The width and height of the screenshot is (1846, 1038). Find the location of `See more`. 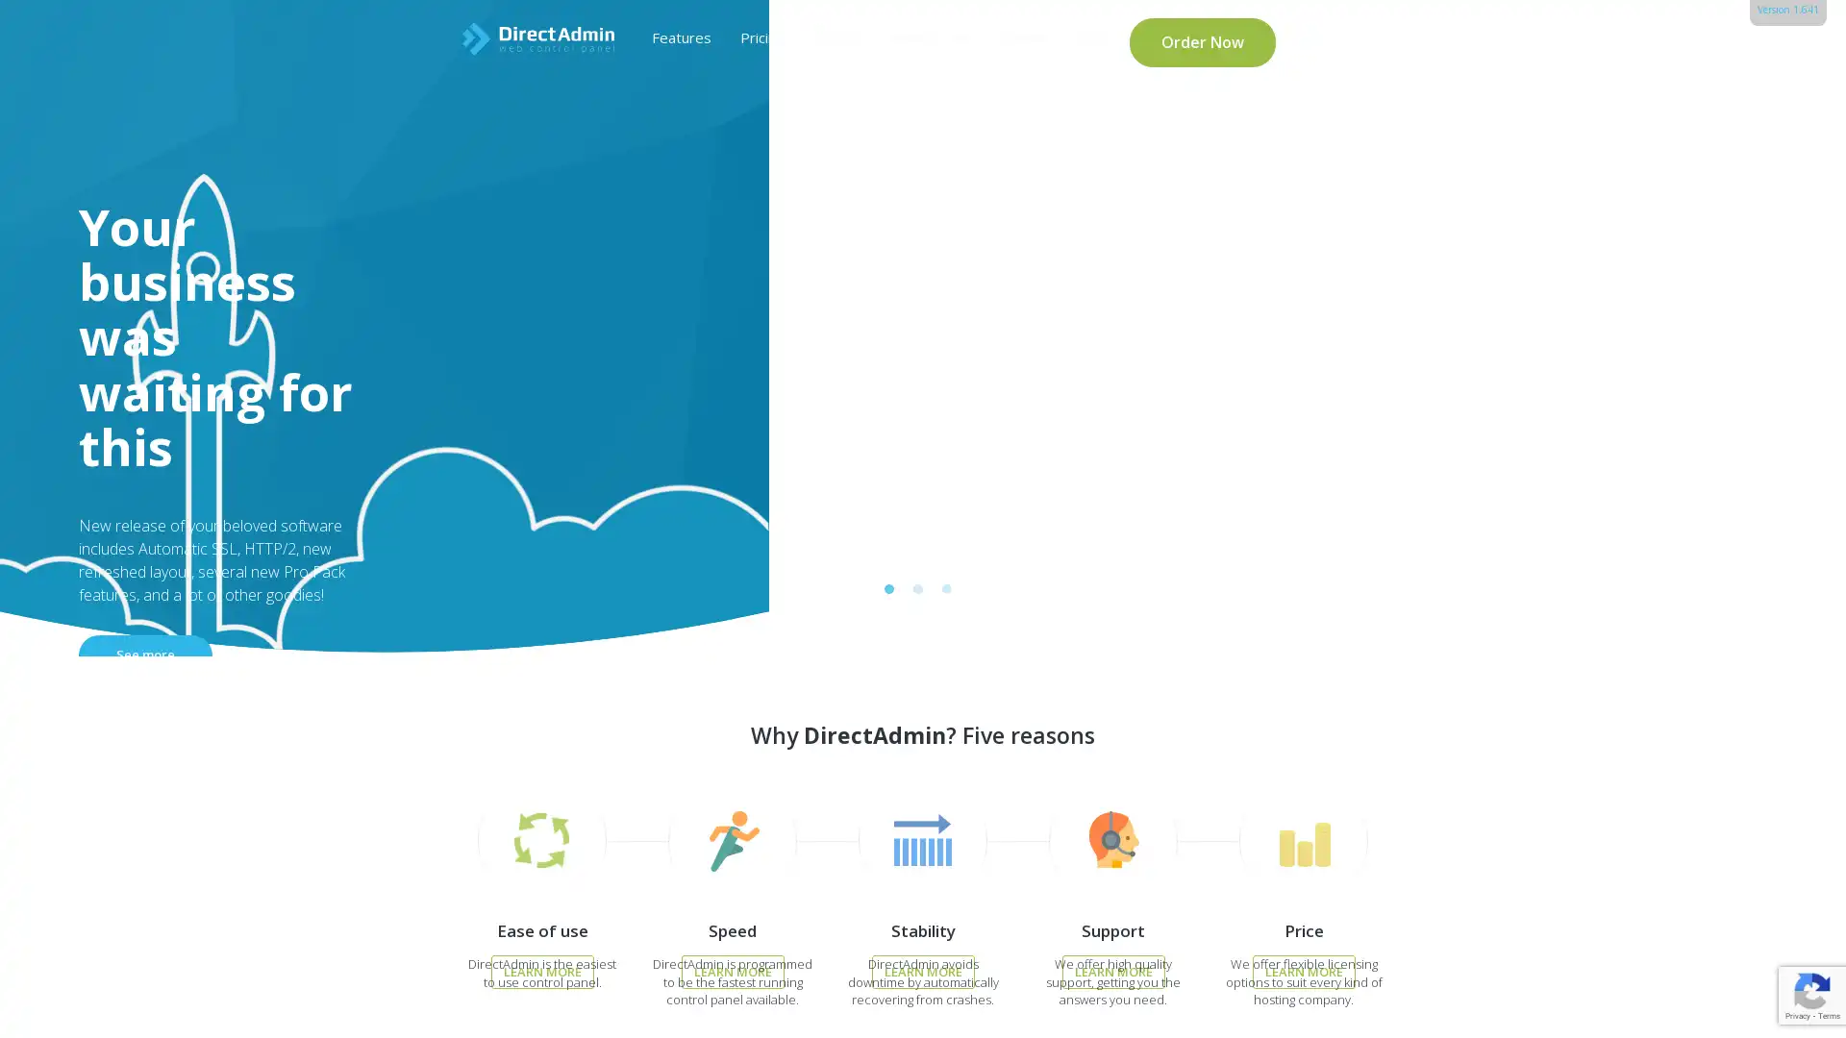

See more is located at coordinates (434, 426).